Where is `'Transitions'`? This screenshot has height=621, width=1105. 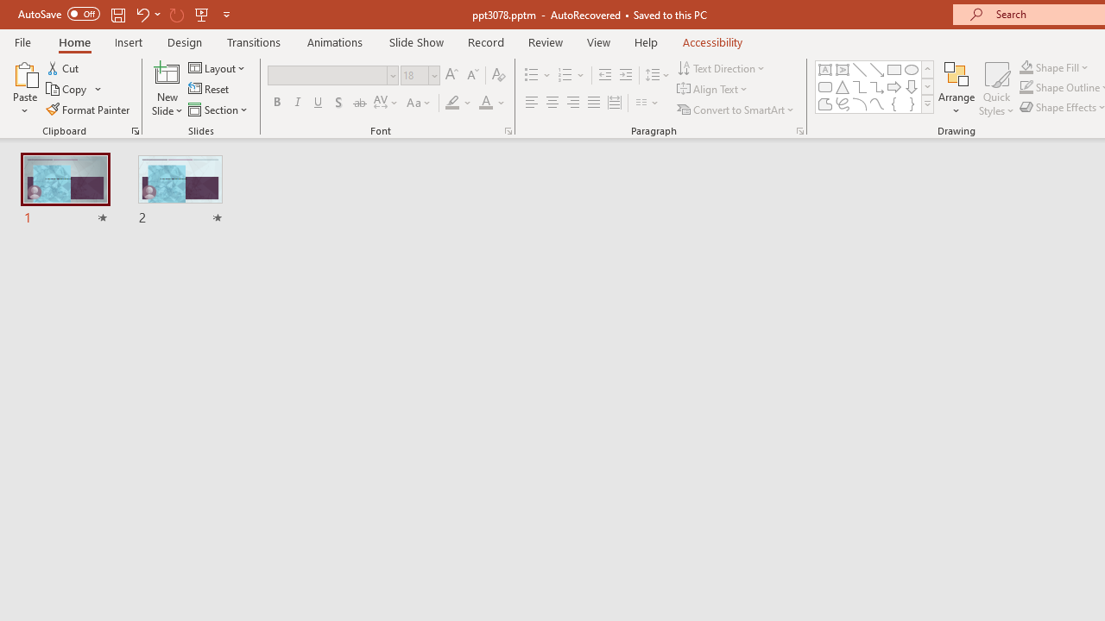
'Transitions' is located at coordinates (254, 41).